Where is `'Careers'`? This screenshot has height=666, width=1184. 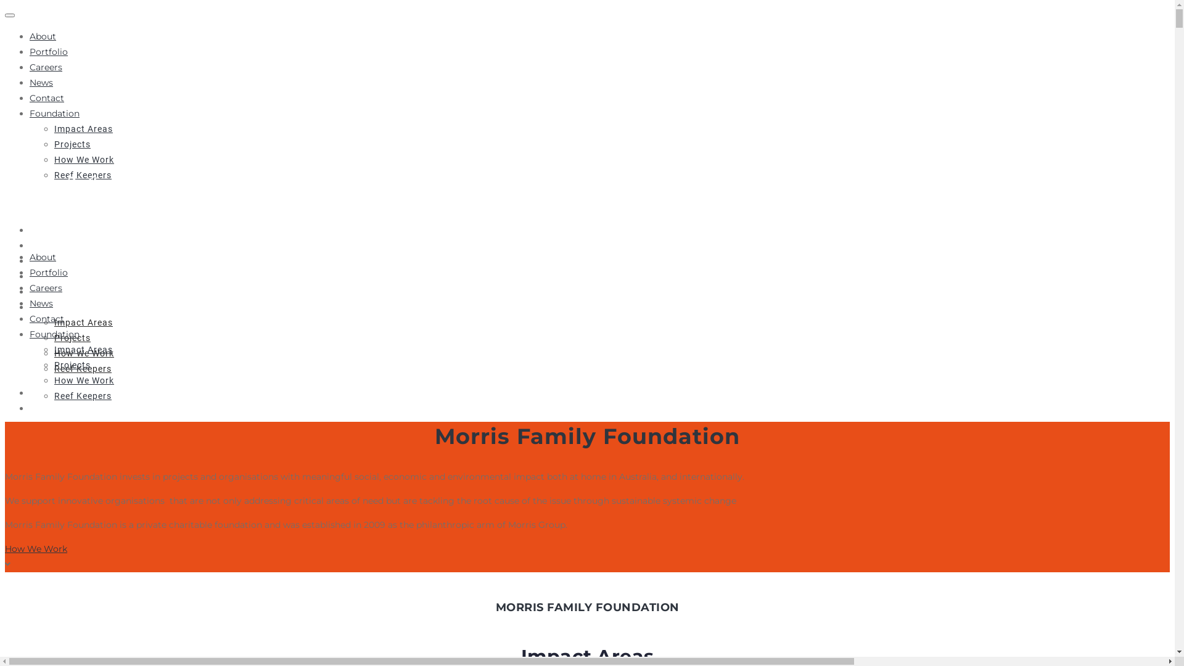
'Careers' is located at coordinates (46, 287).